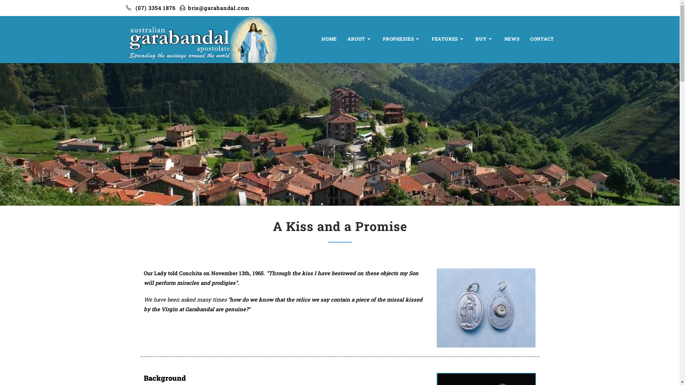 This screenshot has height=385, width=685. I want to click on 'CONTACT', so click(542, 38).